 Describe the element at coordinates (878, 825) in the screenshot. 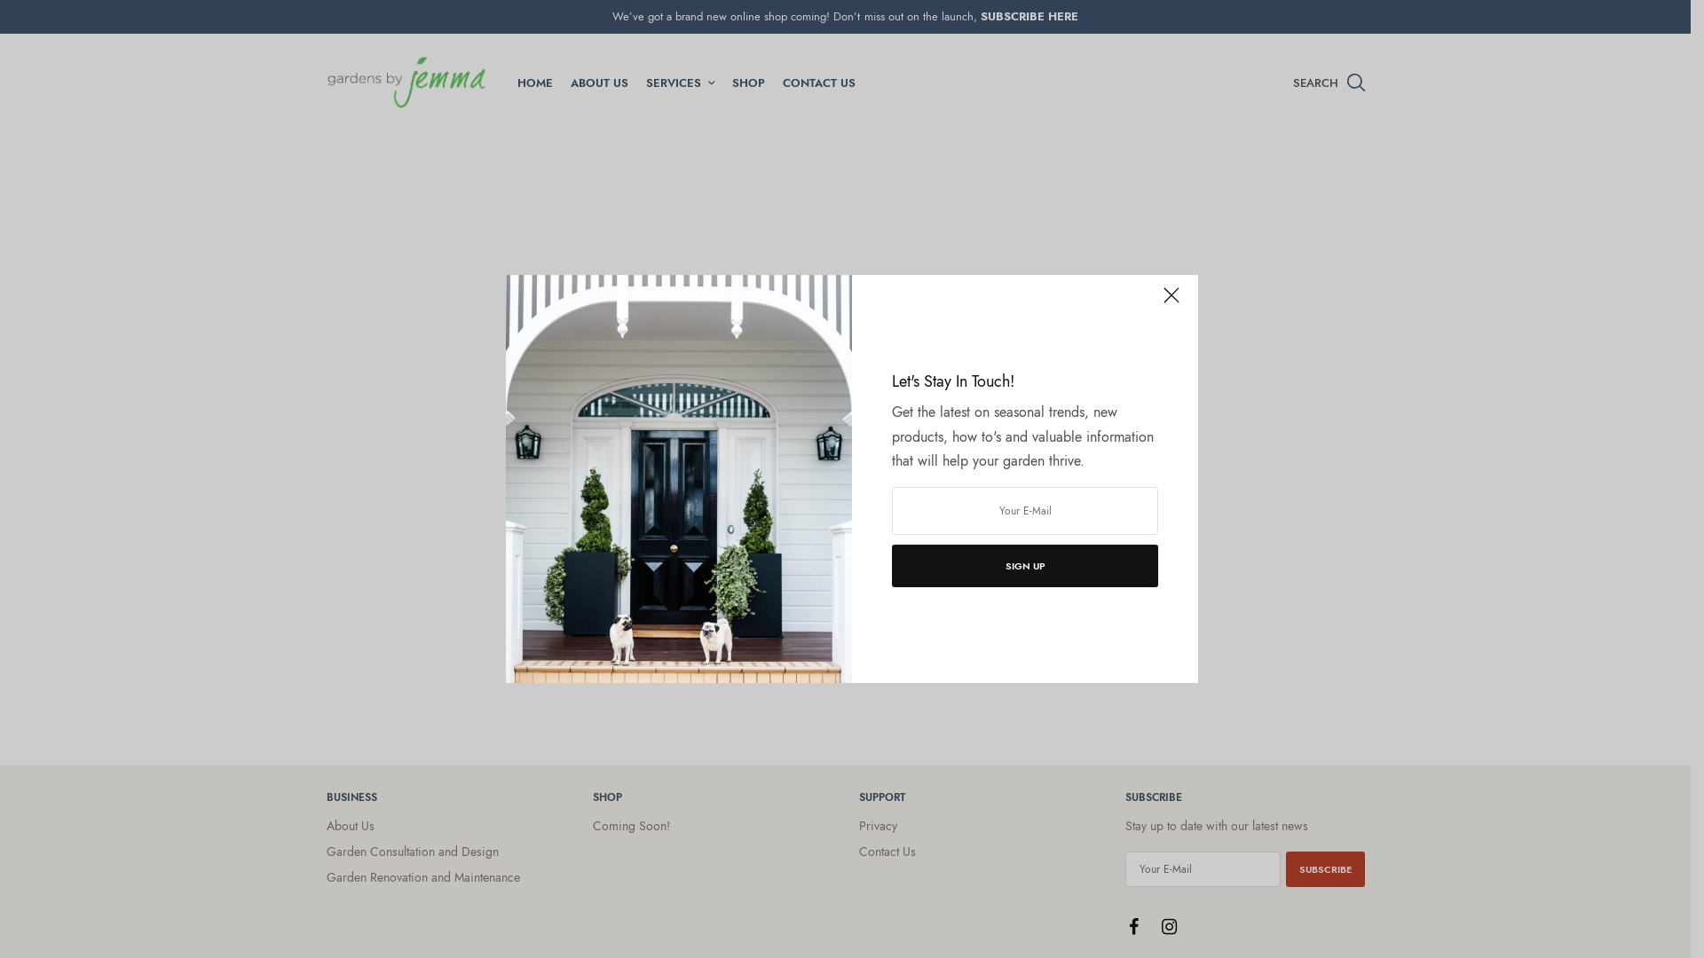

I see `'Privacy'` at that location.